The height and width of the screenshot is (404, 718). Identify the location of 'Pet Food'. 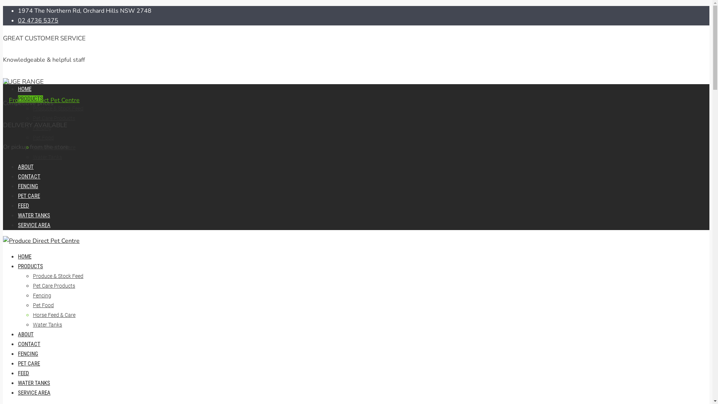
(32, 137).